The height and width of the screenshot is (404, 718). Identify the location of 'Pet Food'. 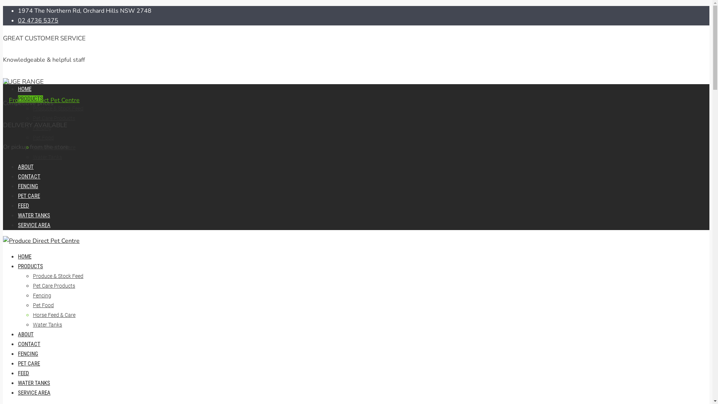
(32, 137).